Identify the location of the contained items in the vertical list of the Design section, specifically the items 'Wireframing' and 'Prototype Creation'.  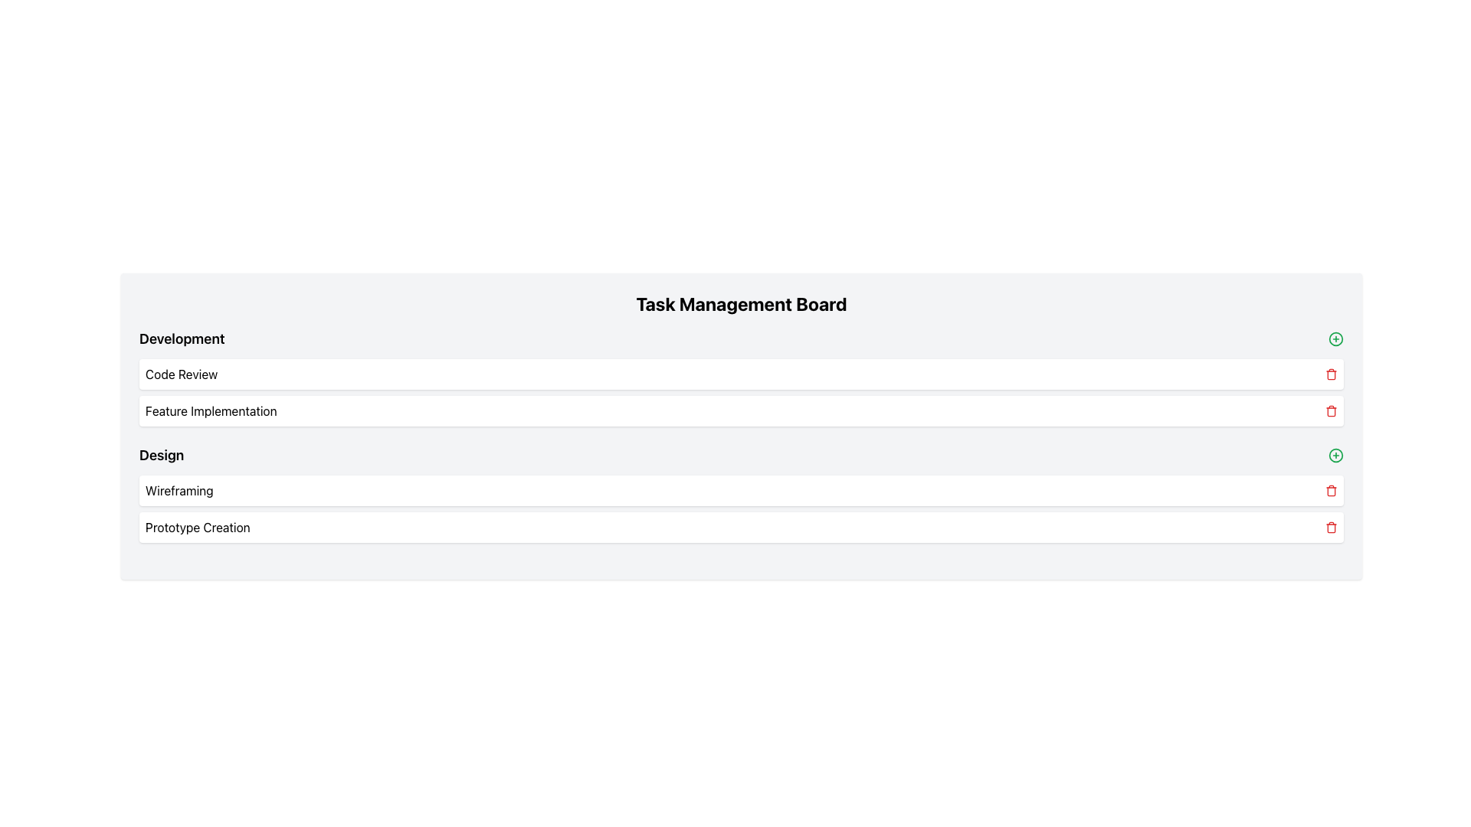
(742, 508).